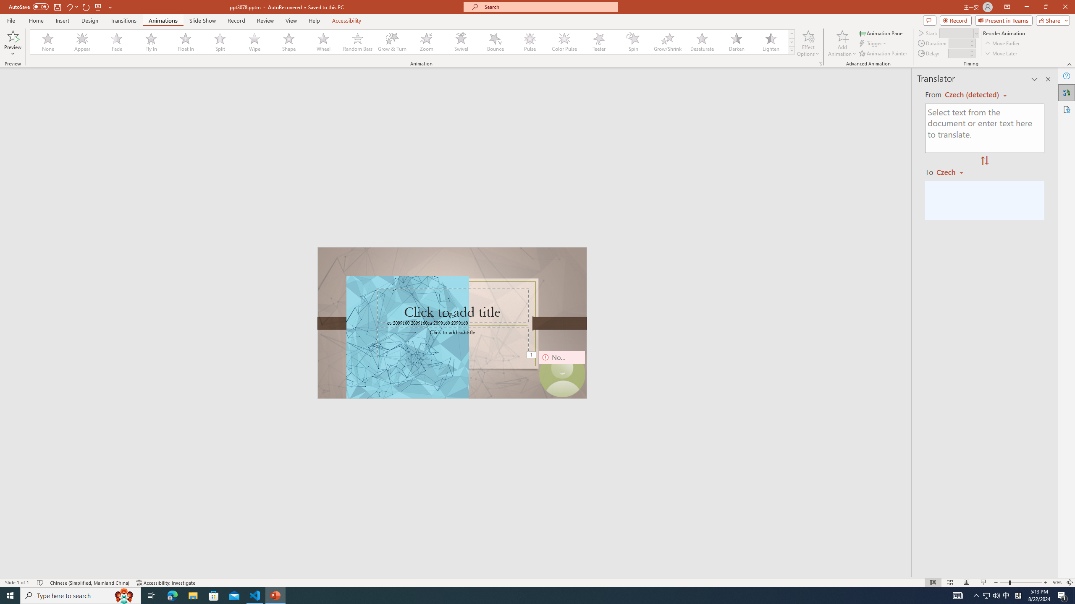 Image resolution: width=1075 pixels, height=604 pixels. I want to click on 'Wipe', so click(254, 42).